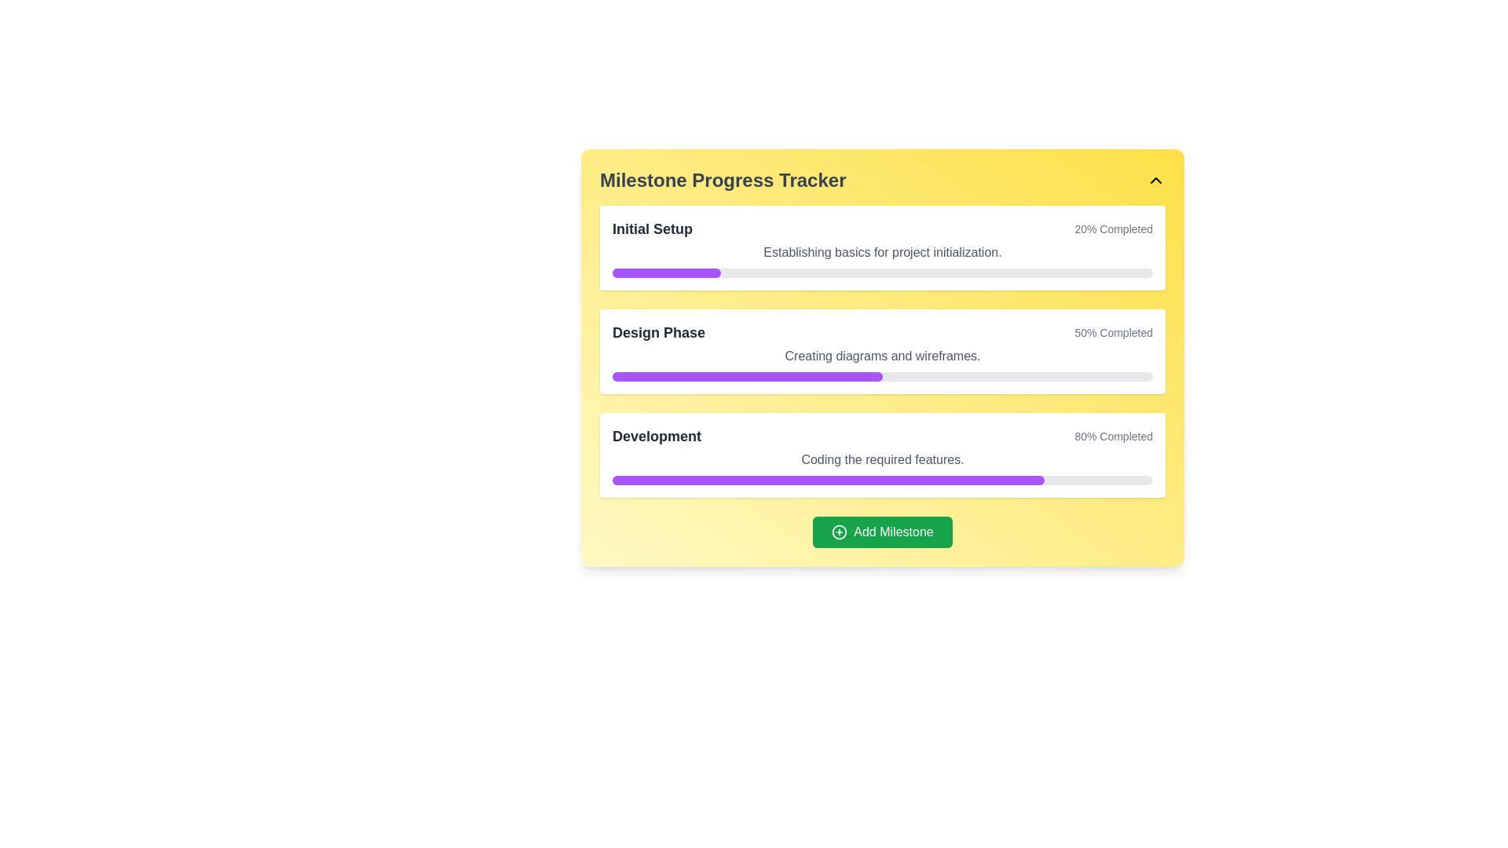  I want to click on the button to add a new milestone, located at the bottom of the yellow progress tracking card, so click(882, 532).